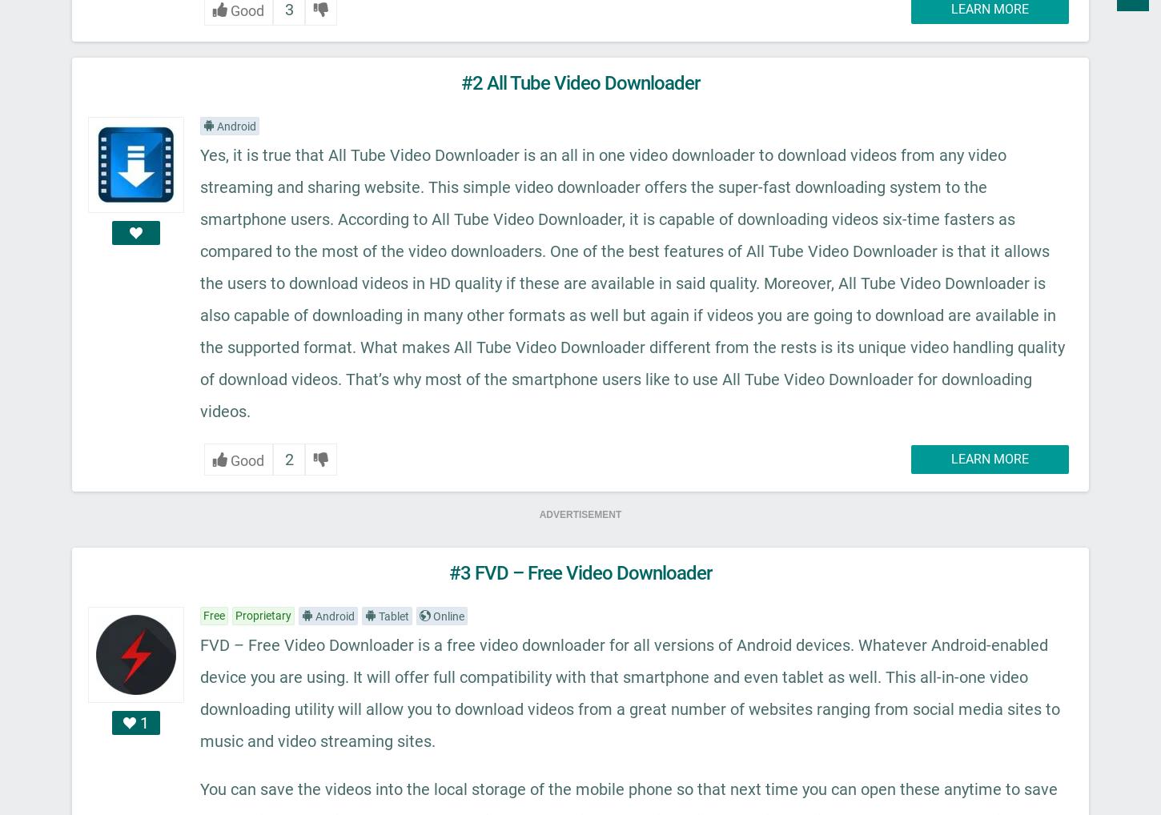  I want to click on 'Online', so click(447, 615).